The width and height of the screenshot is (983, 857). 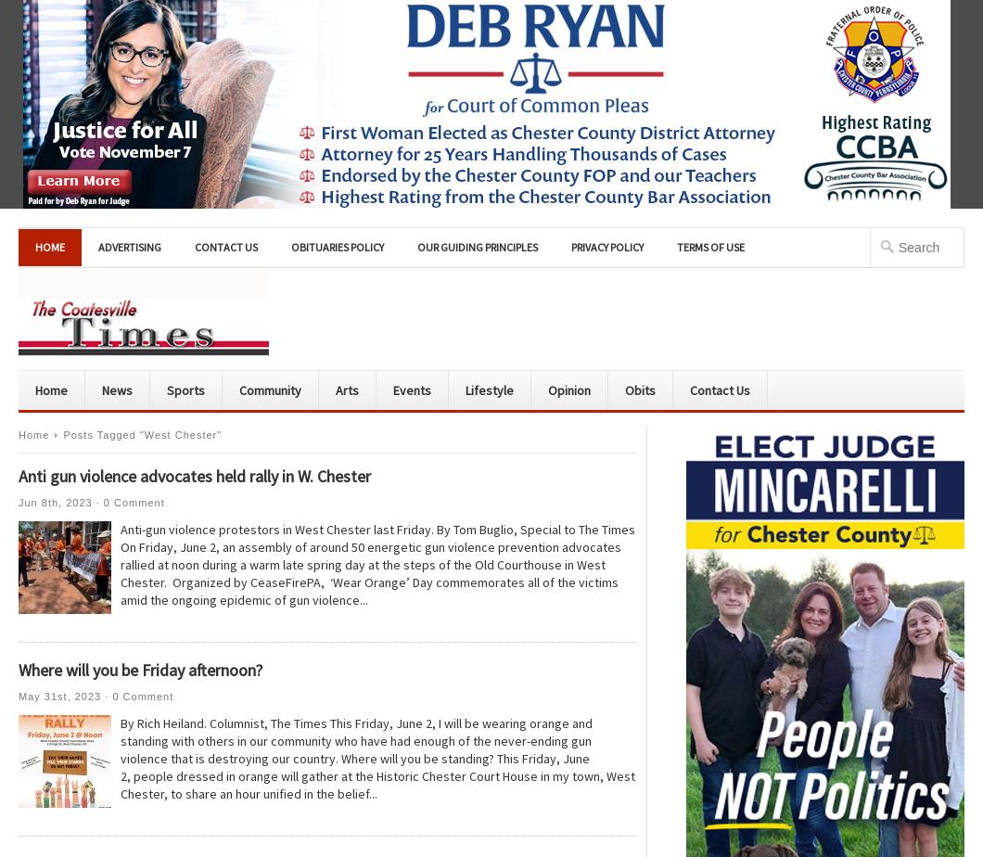 I want to click on 'By Rich Heiland. Columnist, The Times
This Friday, June 2, I will be wearing orange and standing with others in our community who have had enough of the never-ending gun violence that is destroying our country. Where will you be standing?


This Friday, June 2, people dressed in orange will gather at the Historic Chester Court House in my town, West Chester, to share an hour unified in the belief...', so click(x=377, y=759).